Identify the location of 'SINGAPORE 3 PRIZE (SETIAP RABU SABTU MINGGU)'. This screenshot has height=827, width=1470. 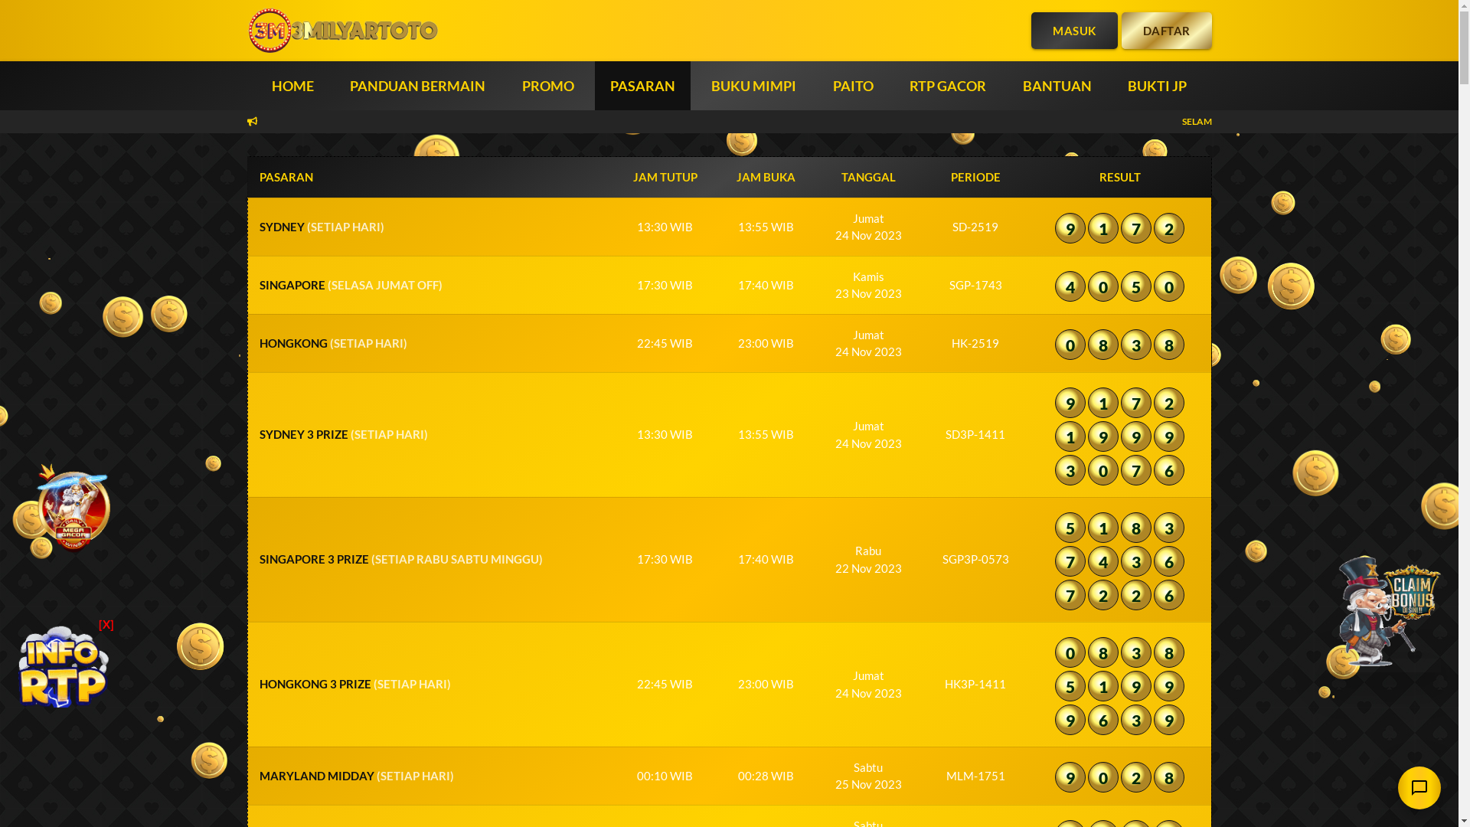
(400, 558).